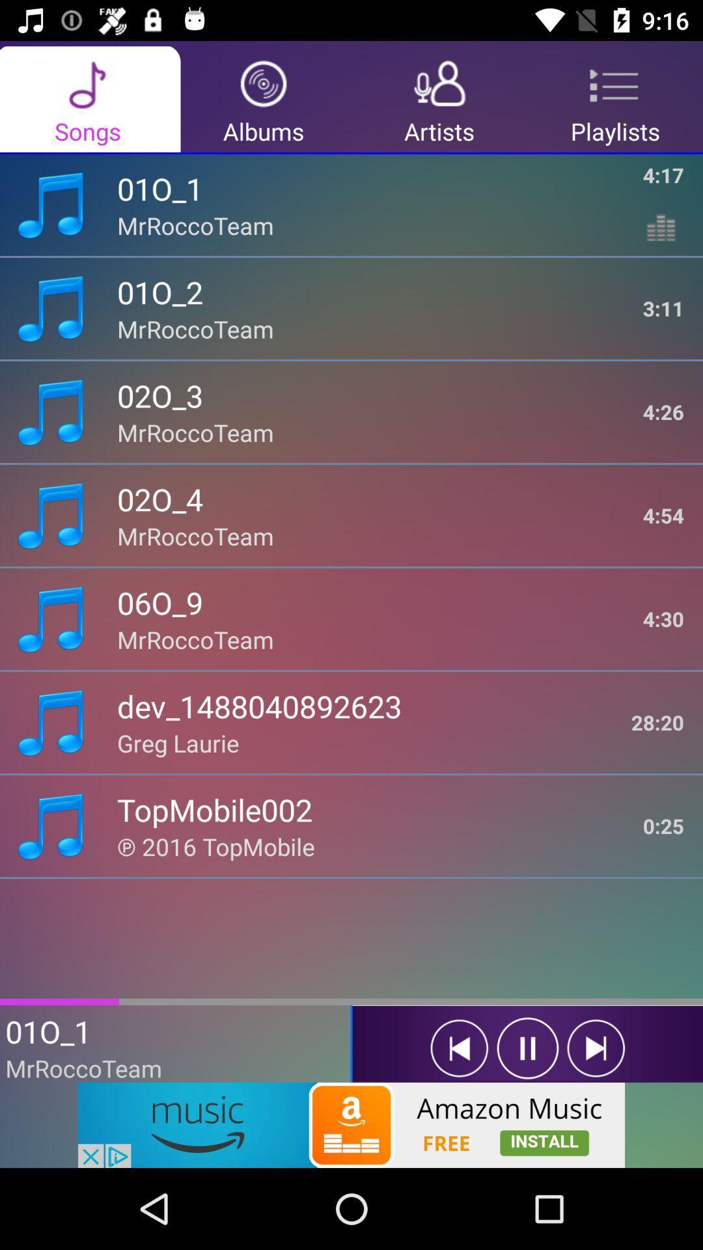 The image size is (703, 1250). I want to click on open advertisement, so click(351, 1124).